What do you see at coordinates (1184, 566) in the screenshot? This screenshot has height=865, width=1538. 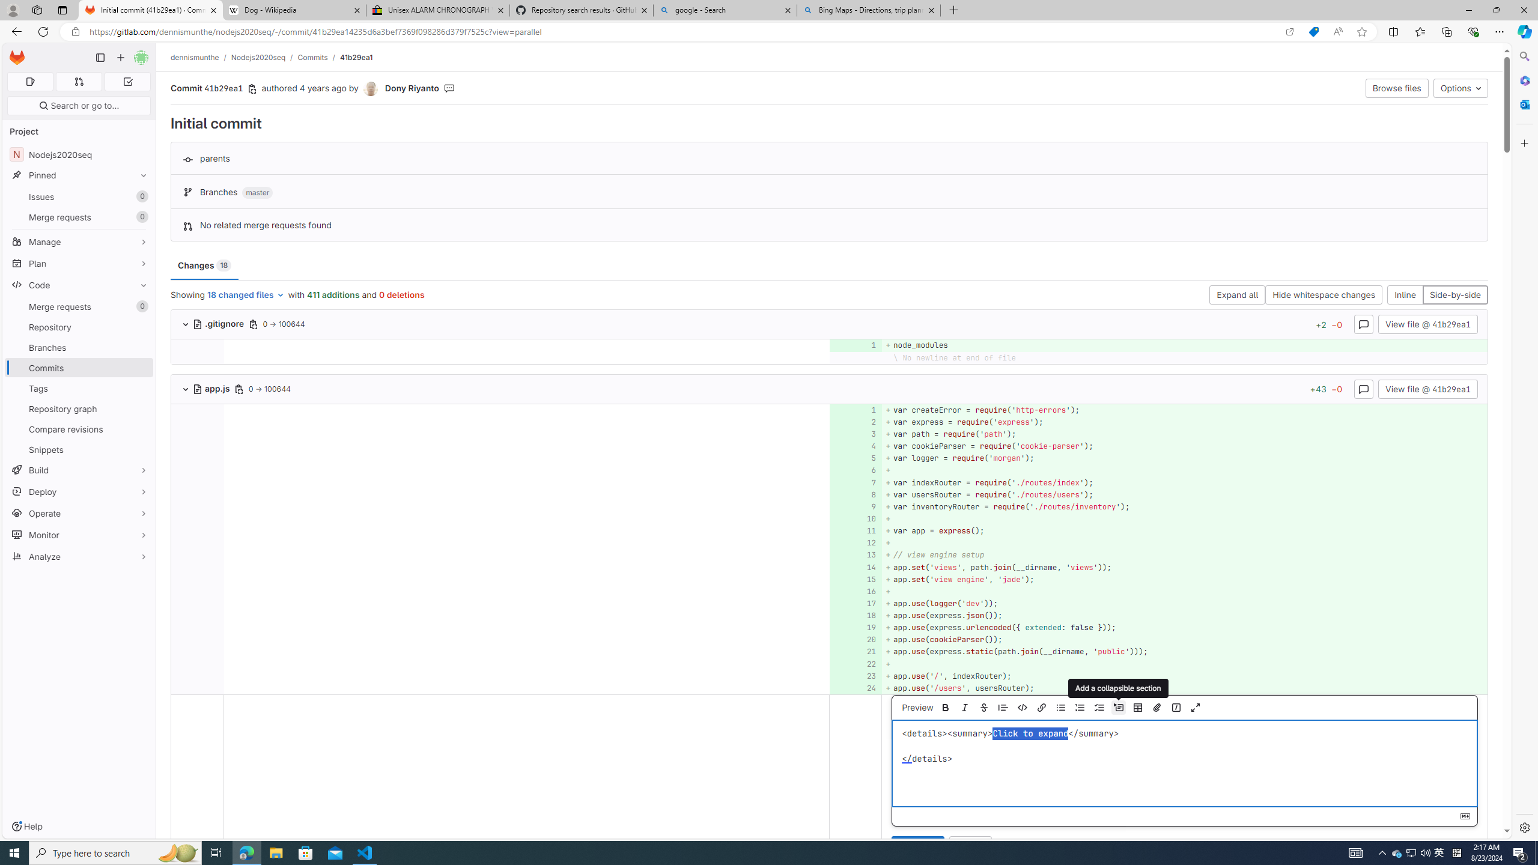 I see `'+ app.set('` at bounding box center [1184, 566].